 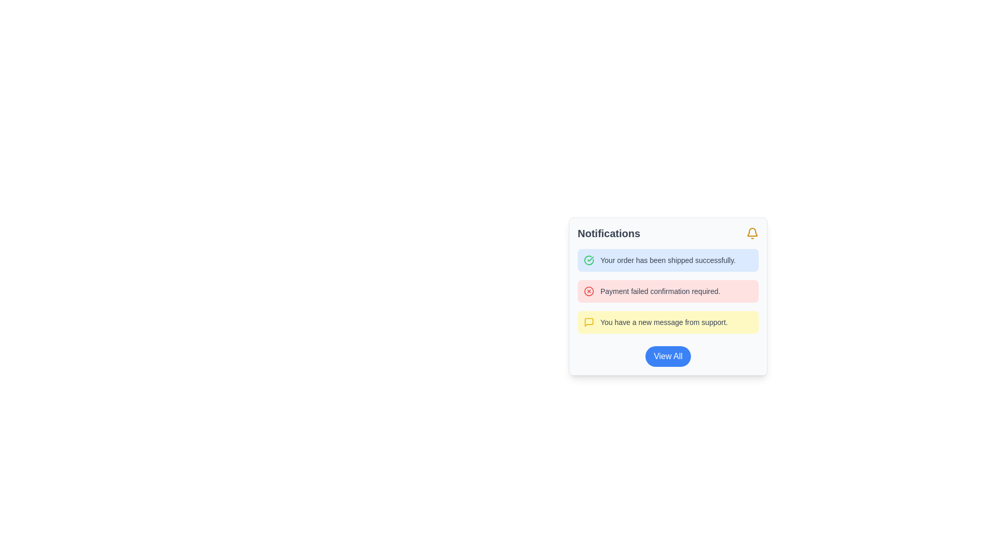 What do you see at coordinates (668, 322) in the screenshot?
I see `the third notification text block that informs the user of a new message from support, positioned below the notifications about order shipping and payment failure` at bounding box center [668, 322].